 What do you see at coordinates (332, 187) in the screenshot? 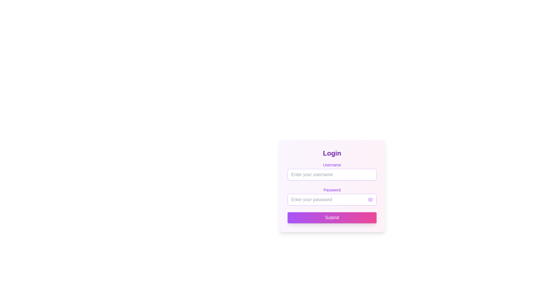
I see `the purple 'Password' text label located above the password input field within the login card layout` at bounding box center [332, 187].